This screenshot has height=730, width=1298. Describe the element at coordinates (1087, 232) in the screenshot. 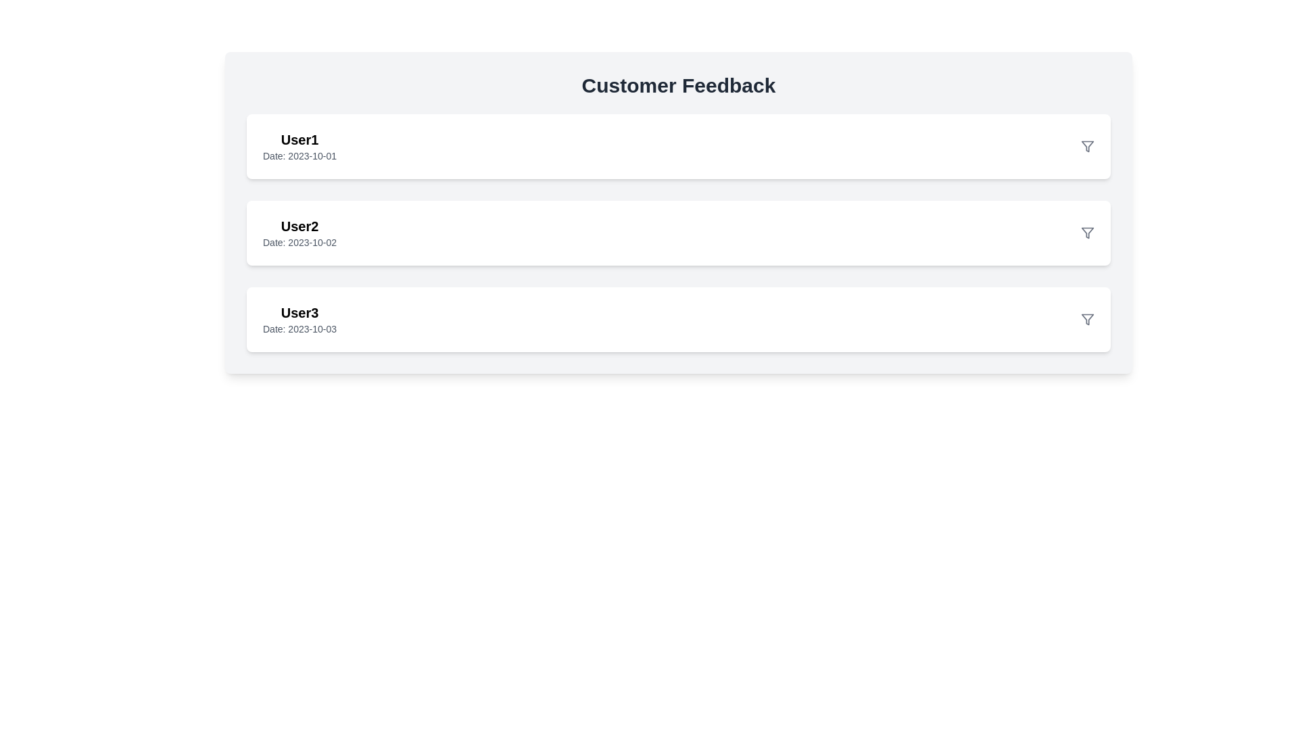

I see `the filter button for actions related to the 'User2' section, which is the third interactive icon from the top on the far-right of the user-related information panel` at that location.